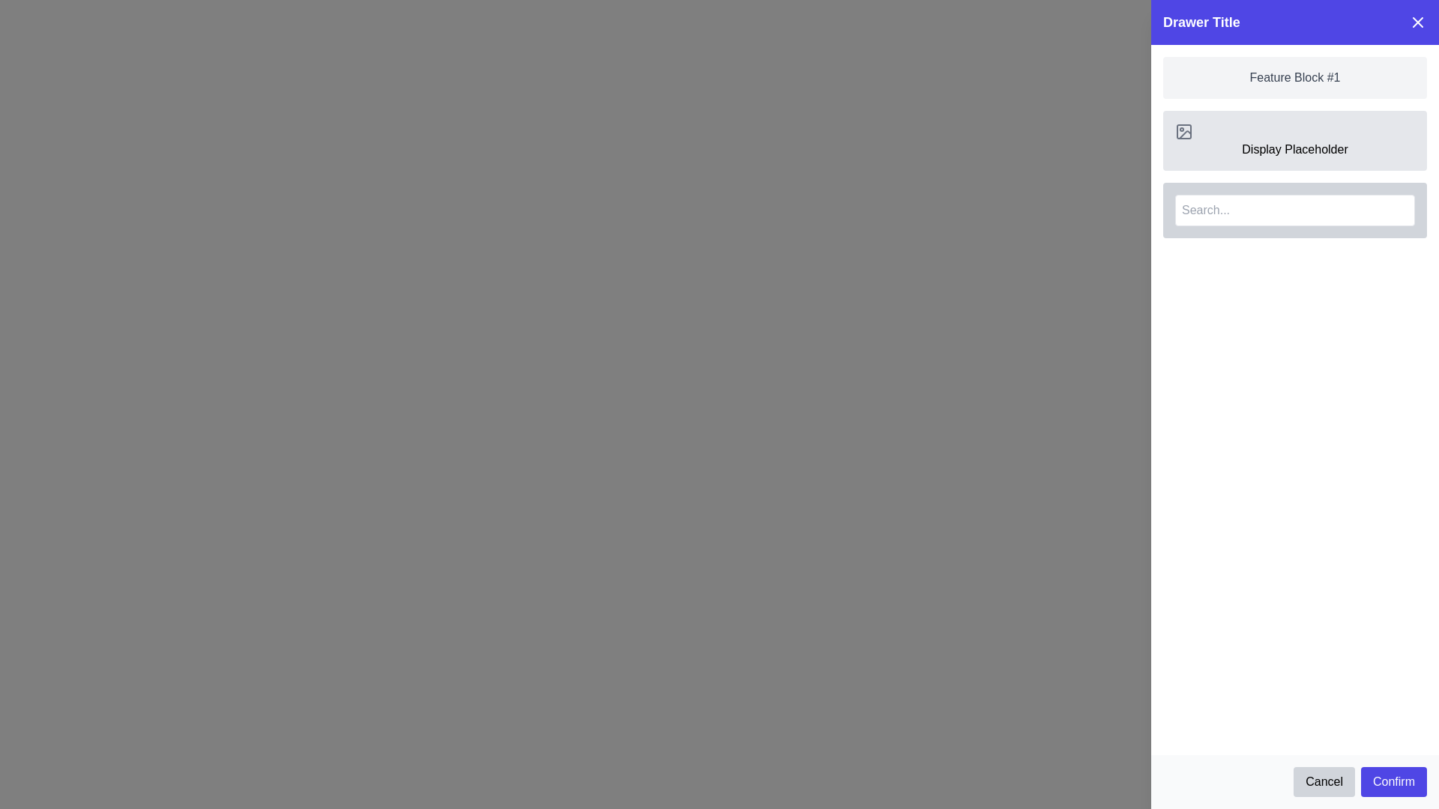 This screenshot has width=1439, height=809. Describe the element at coordinates (1417, 22) in the screenshot. I see `the close button styled as a small square with a purple background and a white 'X' in the top-right corner of the header` at that location.